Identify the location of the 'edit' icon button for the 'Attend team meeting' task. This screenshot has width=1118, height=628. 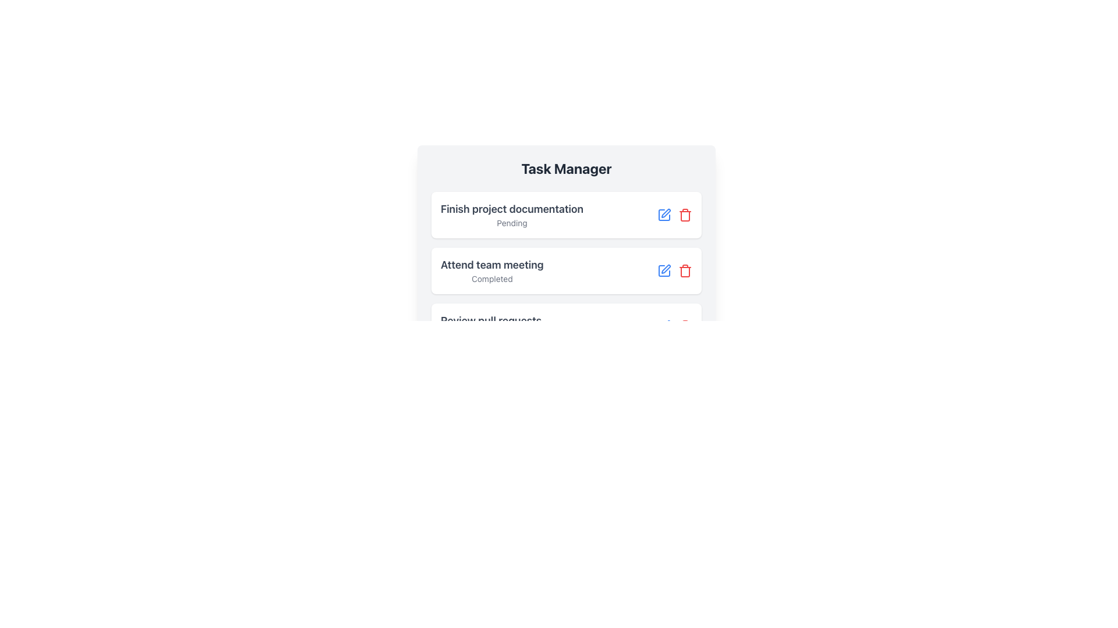
(664, 271).